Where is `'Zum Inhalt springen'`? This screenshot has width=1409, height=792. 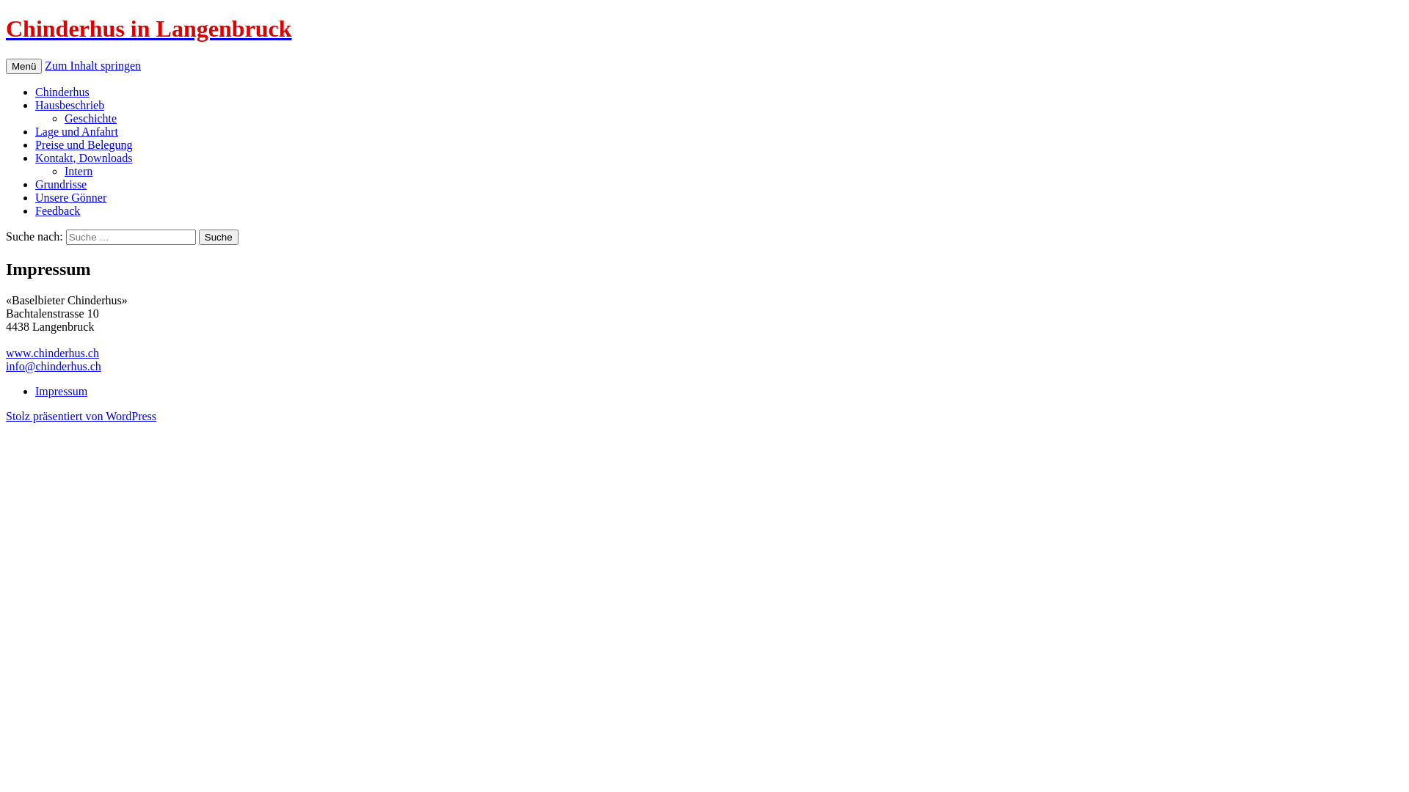 'Zum Inhalt springen' is located at coordinates (45, 65).